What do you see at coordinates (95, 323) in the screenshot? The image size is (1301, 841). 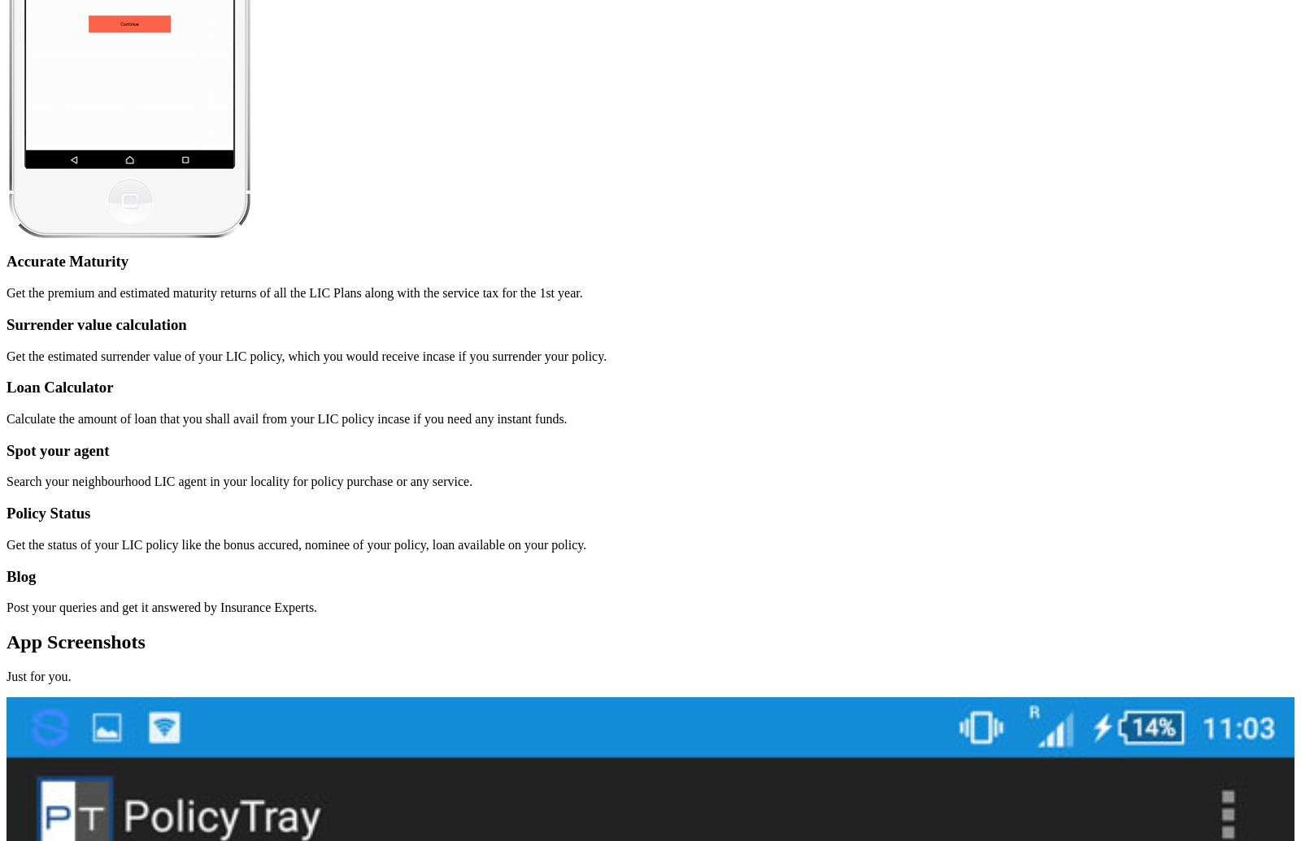 I see `'Surrender value calculation'` at bounding box center [95, 323].